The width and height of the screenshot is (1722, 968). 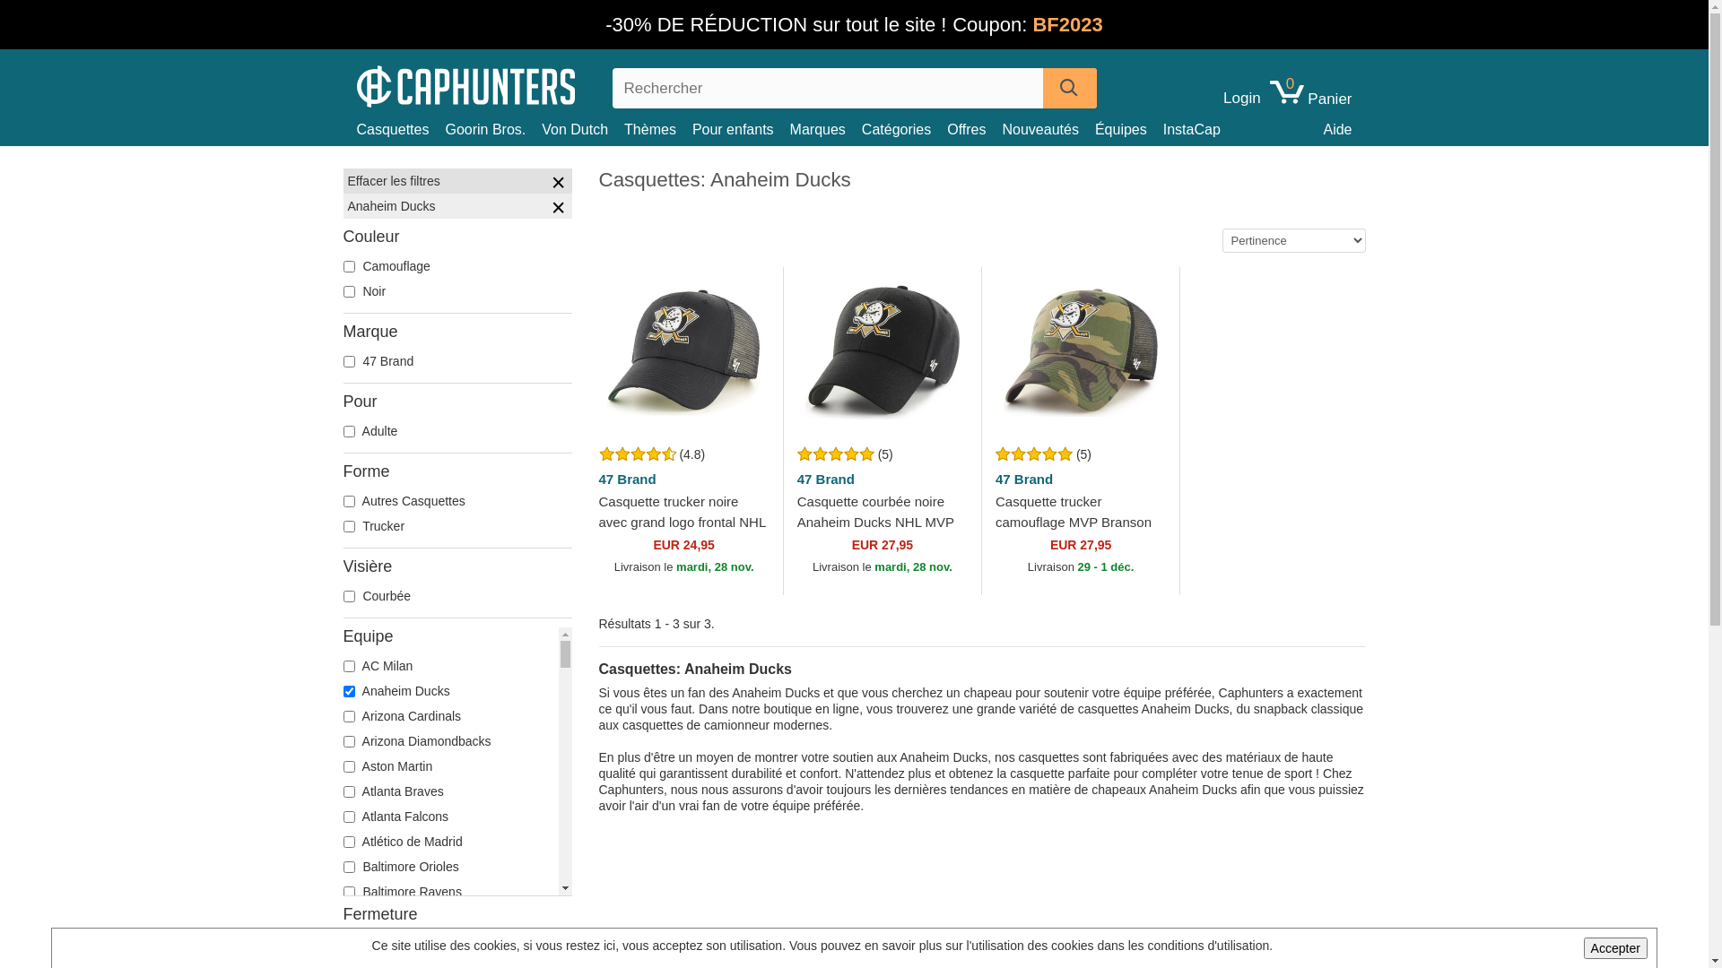 What do you see at coordinates (1322, 128) in the screenshot?
I see `'Aide'` at bounding box center [1322, 128].